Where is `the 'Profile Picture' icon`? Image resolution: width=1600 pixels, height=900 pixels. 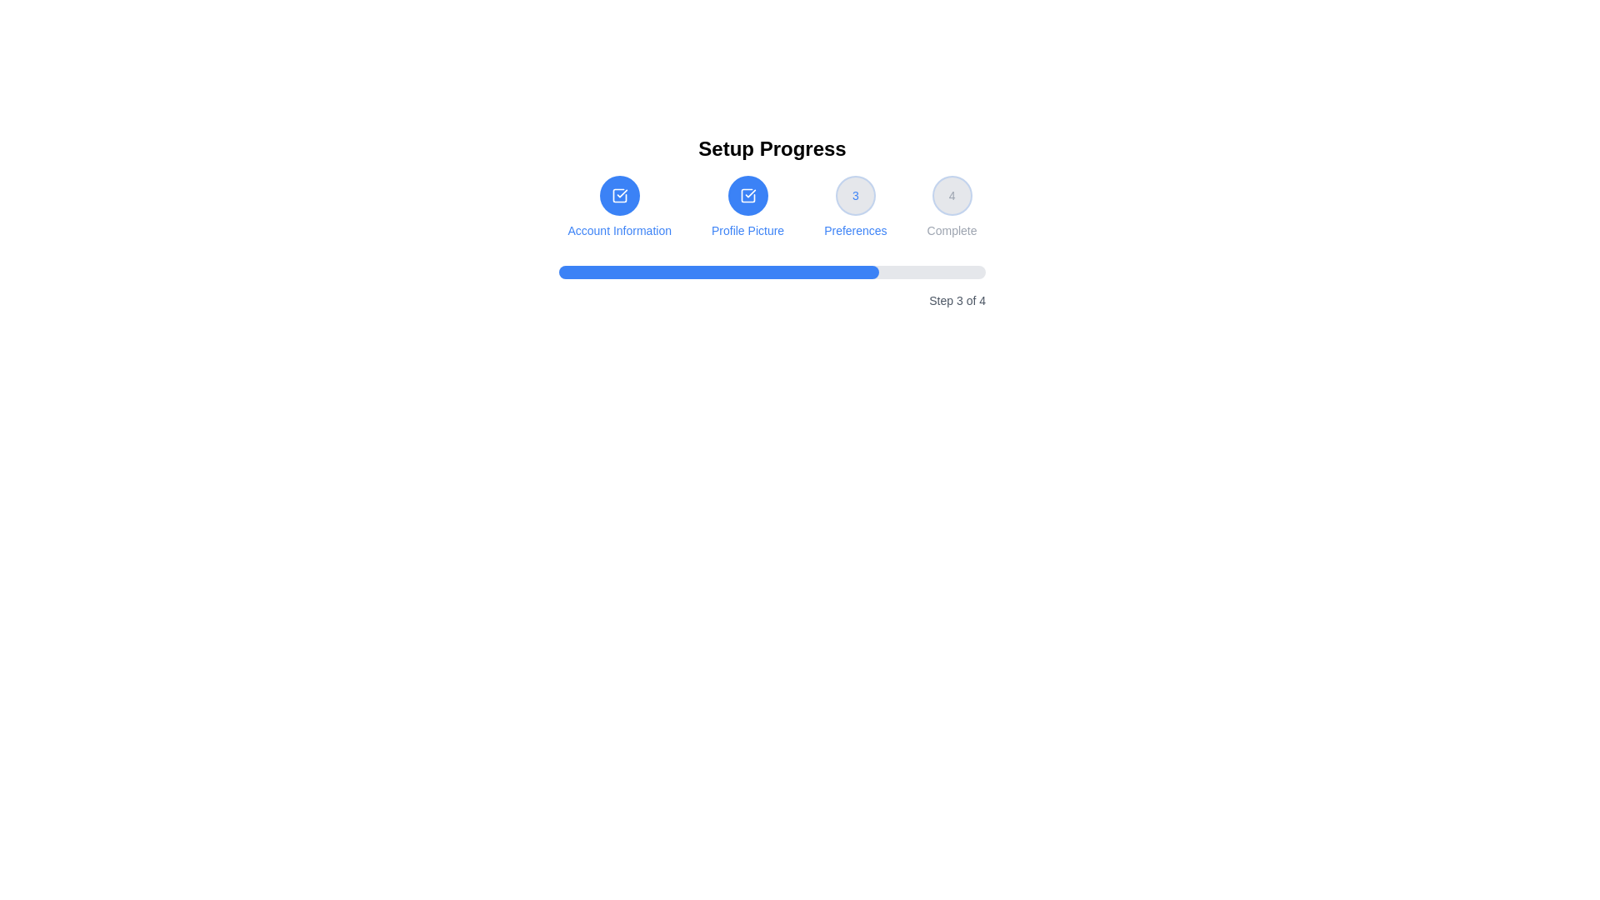 the 'Profile Picture' icon is located at coordinates (747, 207).